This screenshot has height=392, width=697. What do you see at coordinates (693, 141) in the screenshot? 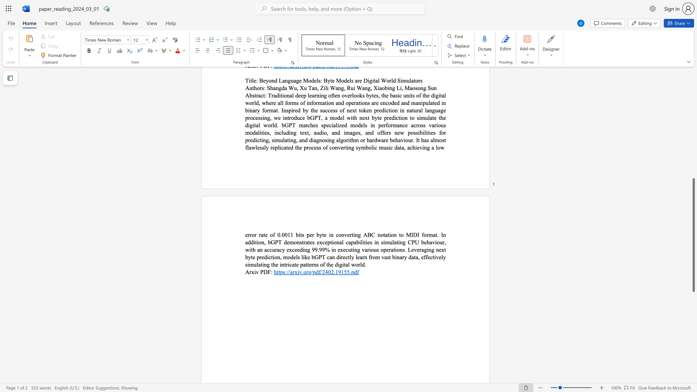
I see `the scrollbar to scroll the page up` at bounding box center [693, 141].